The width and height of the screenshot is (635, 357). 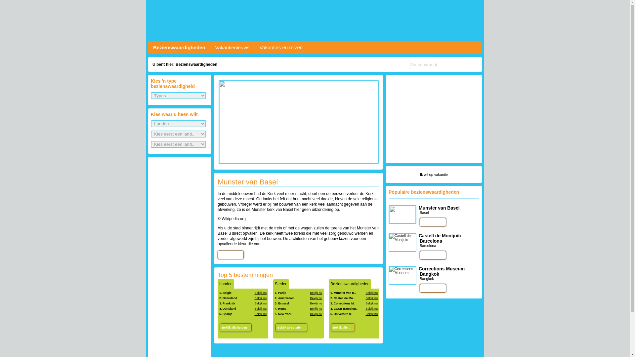 I want to click on 'Vakanties en reizen', so click(x=254, y=47).